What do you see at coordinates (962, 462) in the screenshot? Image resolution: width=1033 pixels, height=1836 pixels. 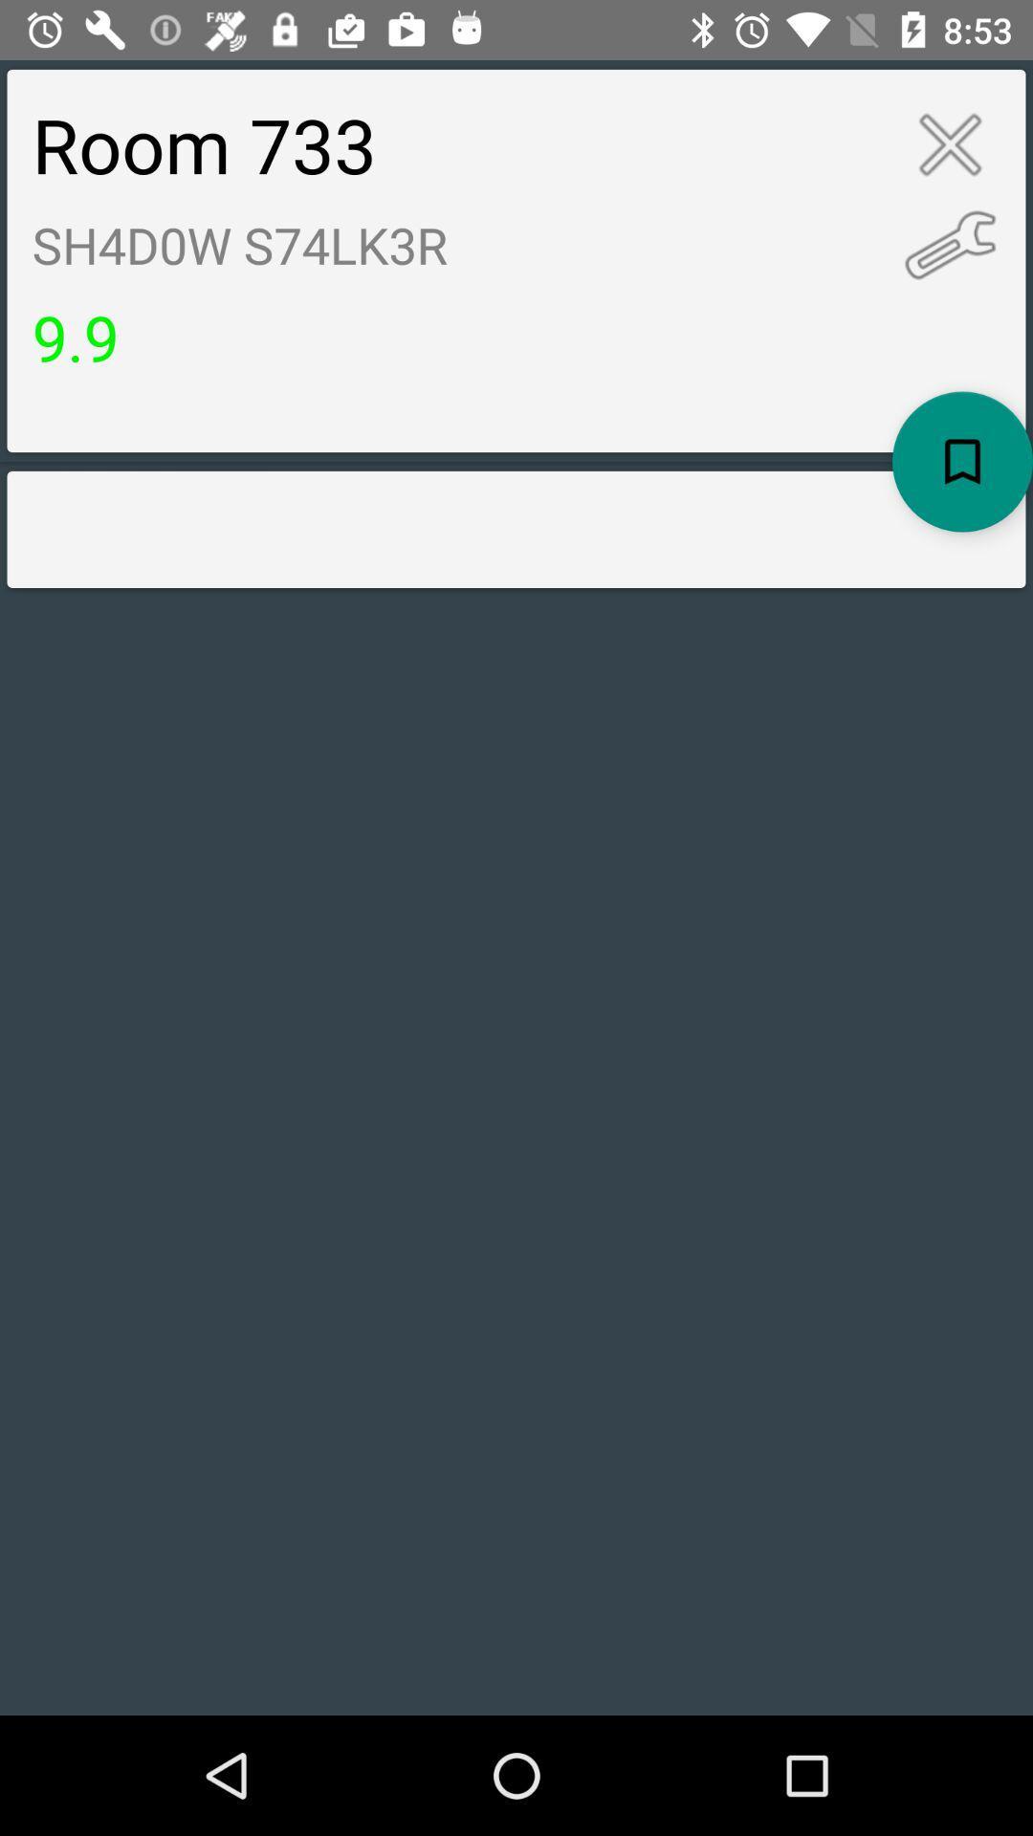 I see `the bookmark icon` at bounding box center [962, 462].